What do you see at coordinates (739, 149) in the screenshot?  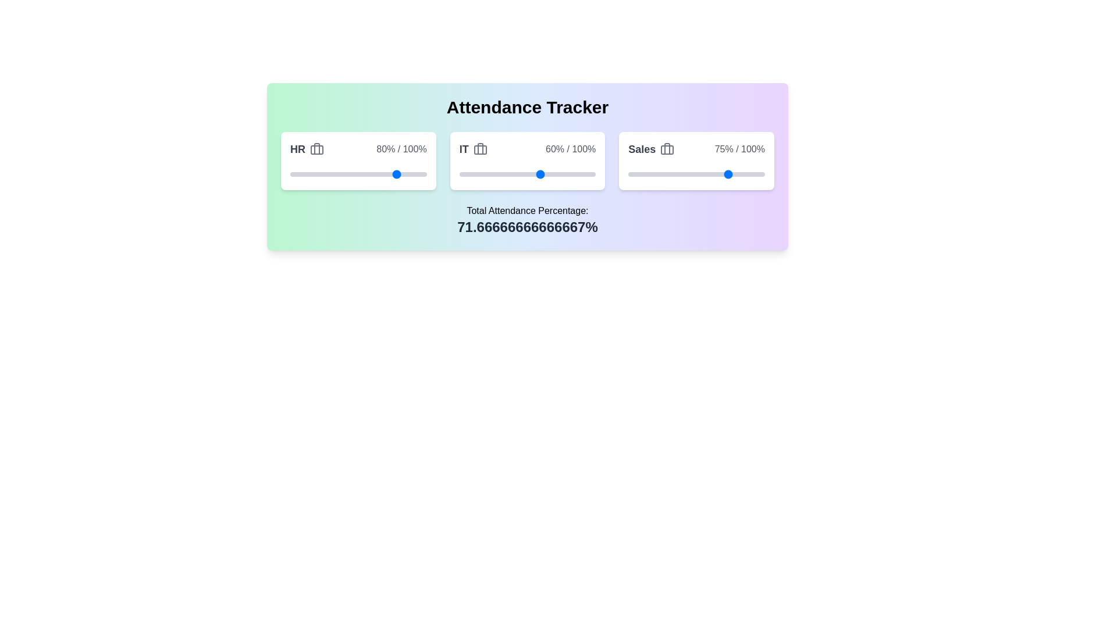 I see `the static text display showing a numerical ratio or percentage related to sales, located at the top-right of the 'Sales' card` at bounding box center [739, 149].